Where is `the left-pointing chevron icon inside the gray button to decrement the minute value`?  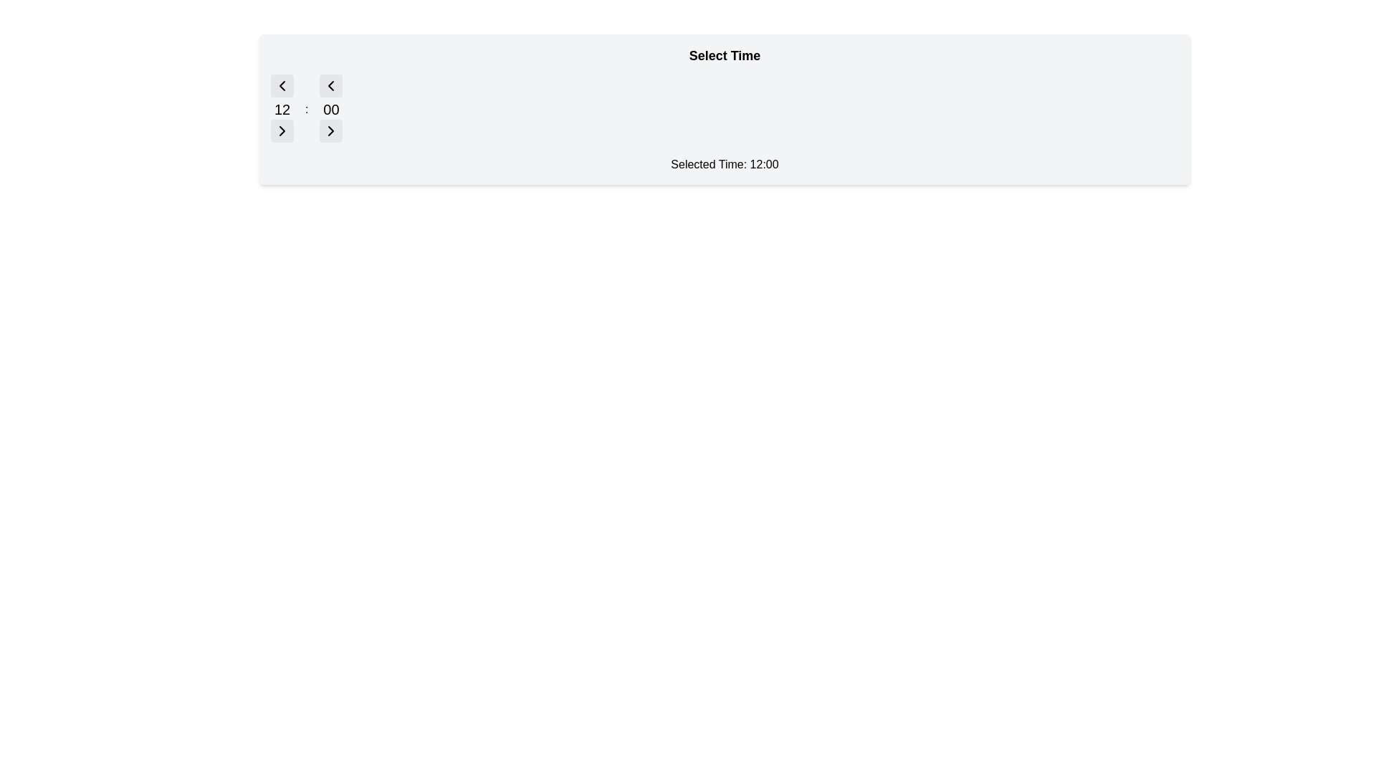
the left-pointing chevron icon inside the gray button to decrement the minute value is located at coordinates (330, 85).